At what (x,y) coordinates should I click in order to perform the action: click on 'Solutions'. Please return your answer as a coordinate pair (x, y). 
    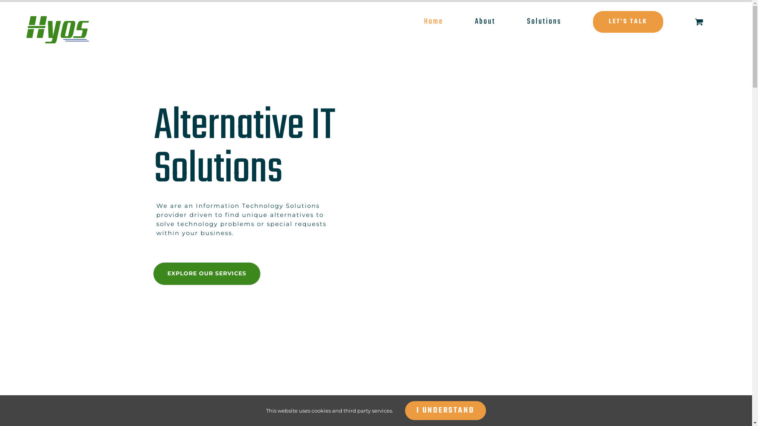
    Looking at the image, I should click on (544, 21).